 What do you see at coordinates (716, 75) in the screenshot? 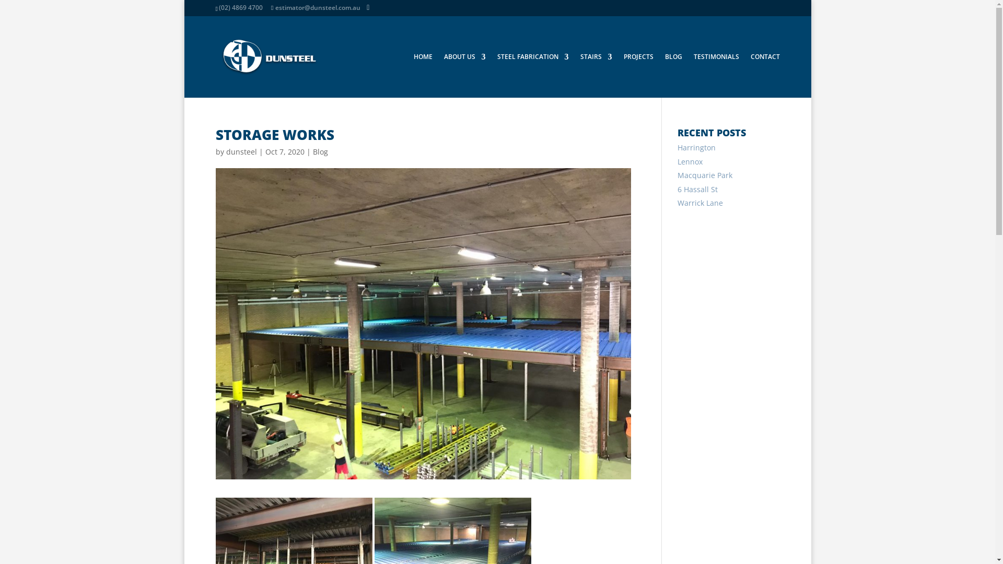
I see `'TESTIMONIALS'` at bounding box center [716, 75].